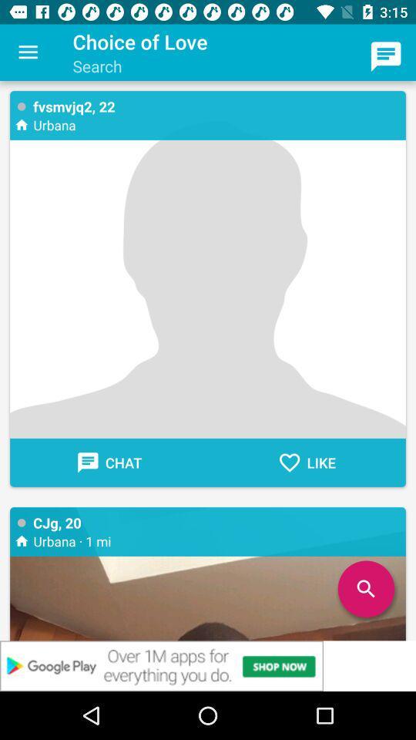 The image size is (416, 740). What do you see at coordinates (365, 588) in the screenshot?
I see `the search icon` at bounding box center [365, 588].